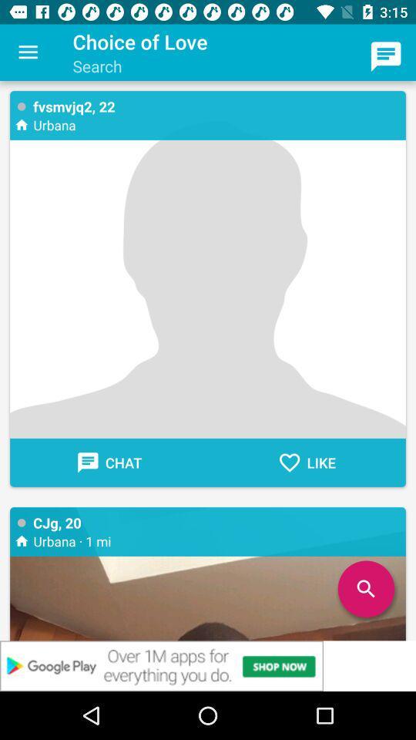 The image size is (416, 740). What do you see at coordinates (365, 588) in the screenshot?
I see `the search icon` at bounding box center [365, 588].